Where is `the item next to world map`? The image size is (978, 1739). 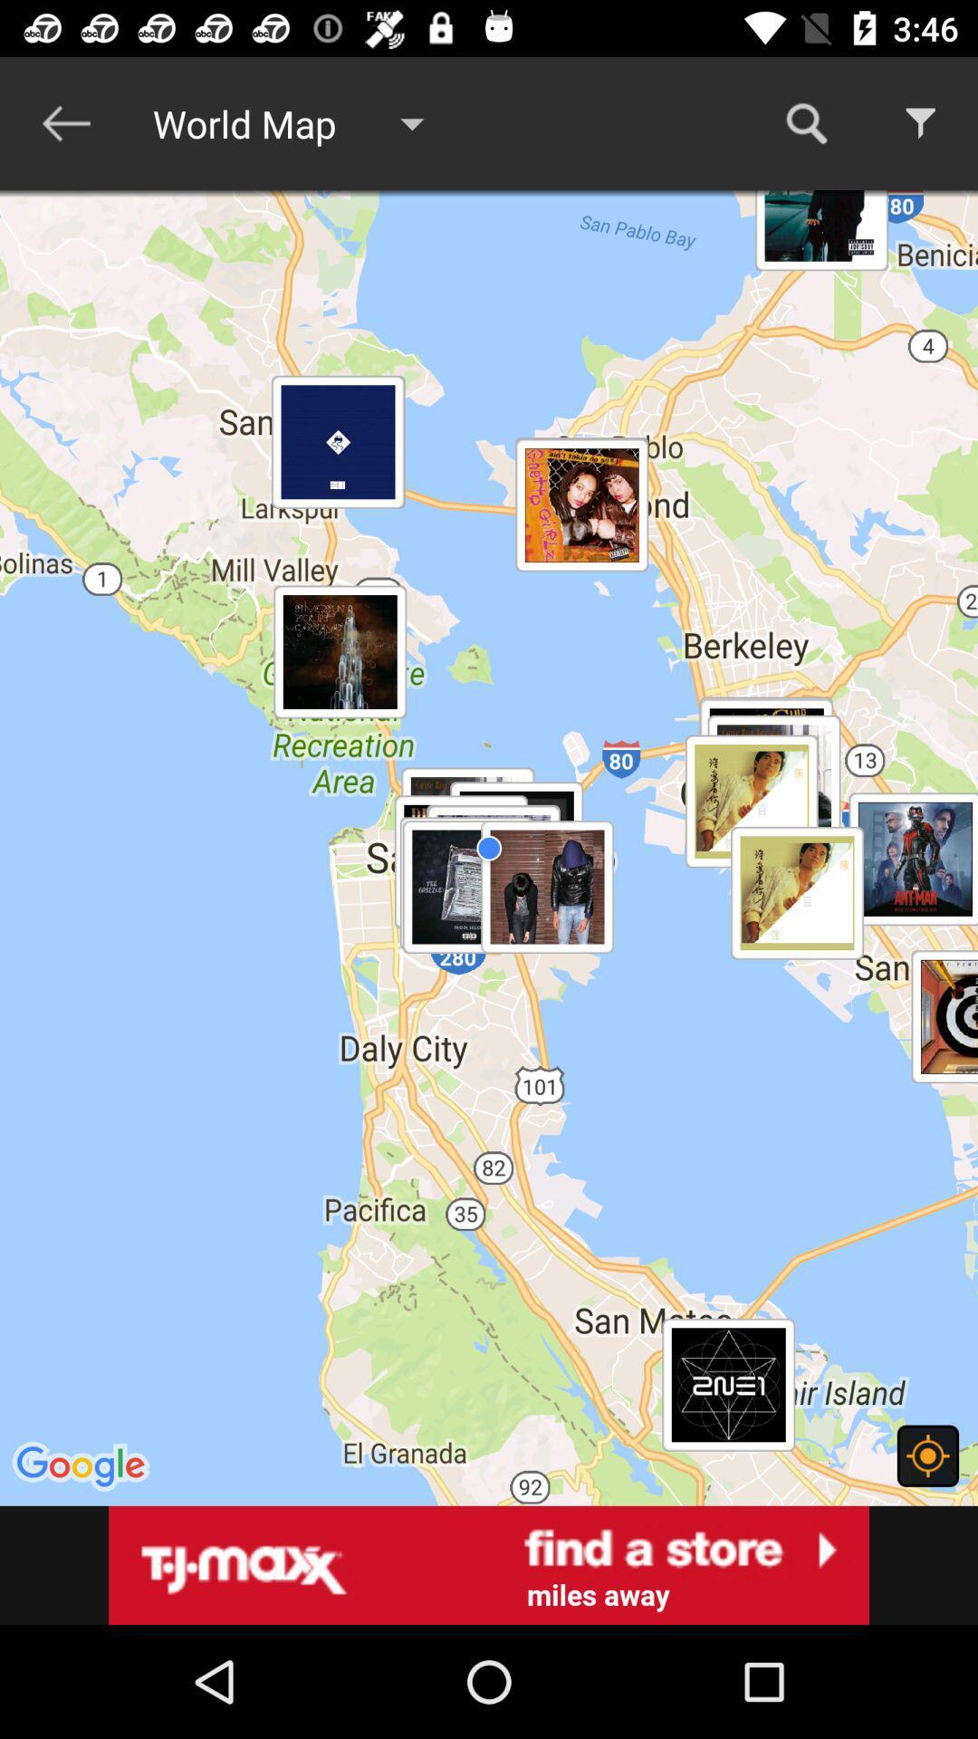
the item next to world map is located at coordinates (806, 122).